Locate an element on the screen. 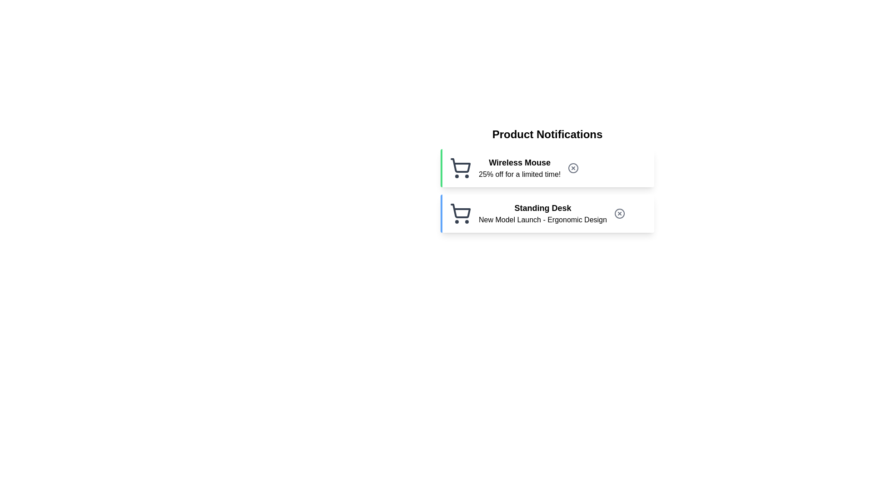 The height and width of the screenshot is (491, 873). close button for the notification labeled 'Standing Desk' is located at coordinates (619, 214).